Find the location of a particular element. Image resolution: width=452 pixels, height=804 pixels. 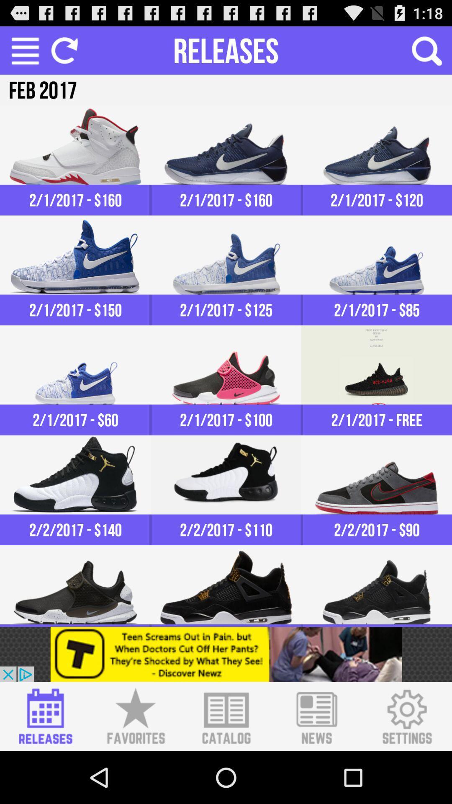

the refresh icon is located at coordinates (64, 54).